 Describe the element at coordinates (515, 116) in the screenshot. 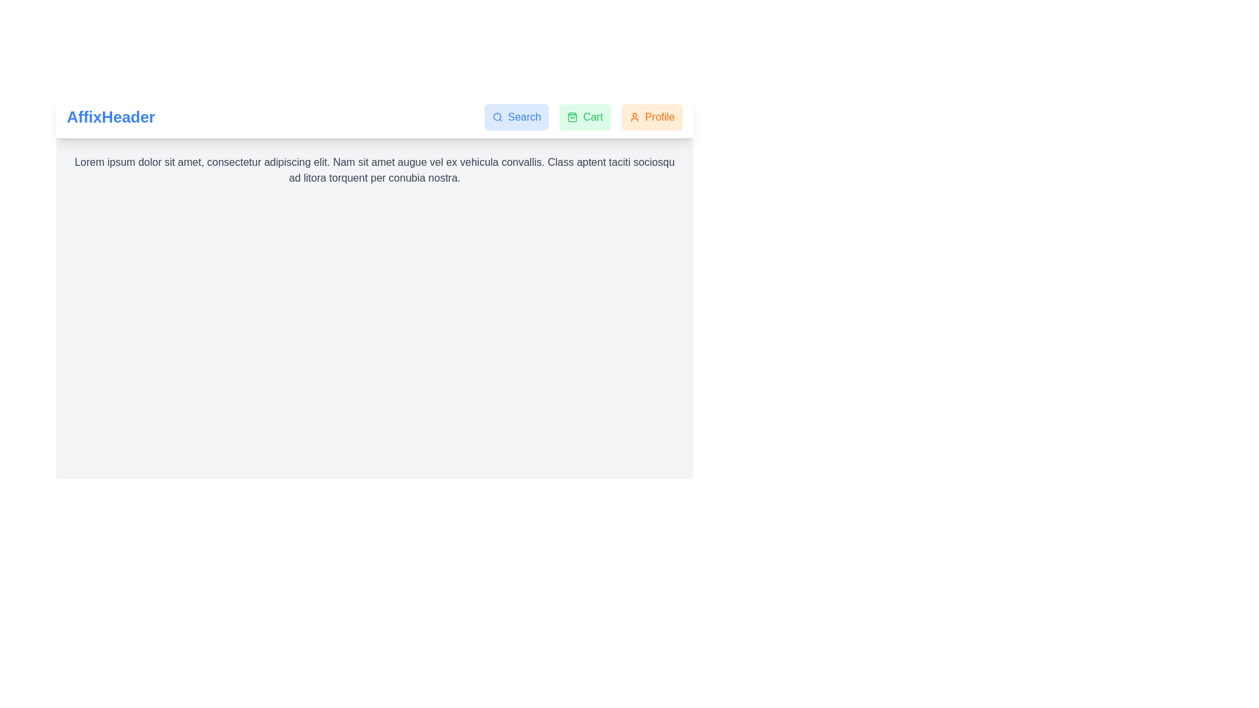

I see `the blue 'Search' button with rounded corners located at the top-right corner of the interface` at that location.